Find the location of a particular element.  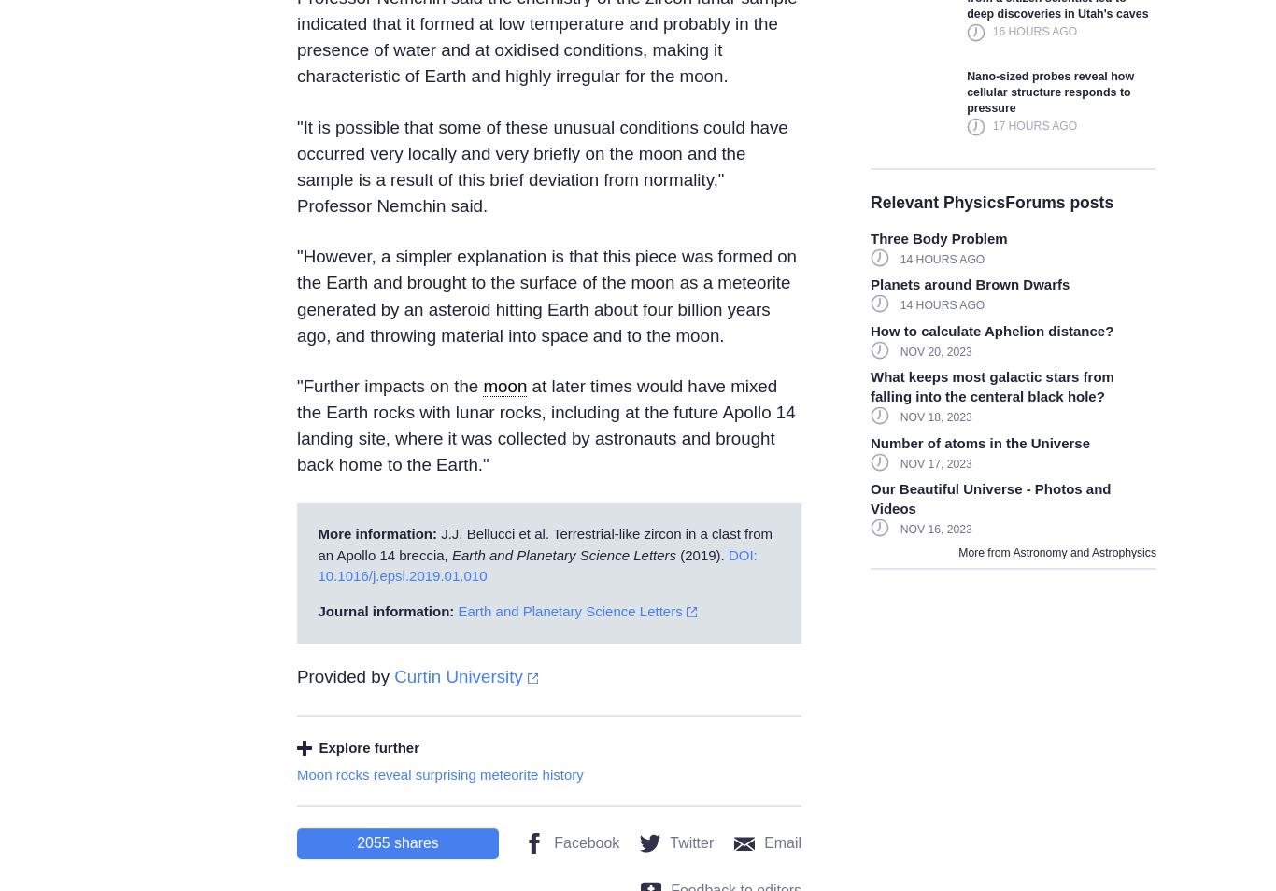

'Nov 16, 2023' is located at coordinates (935, 528).